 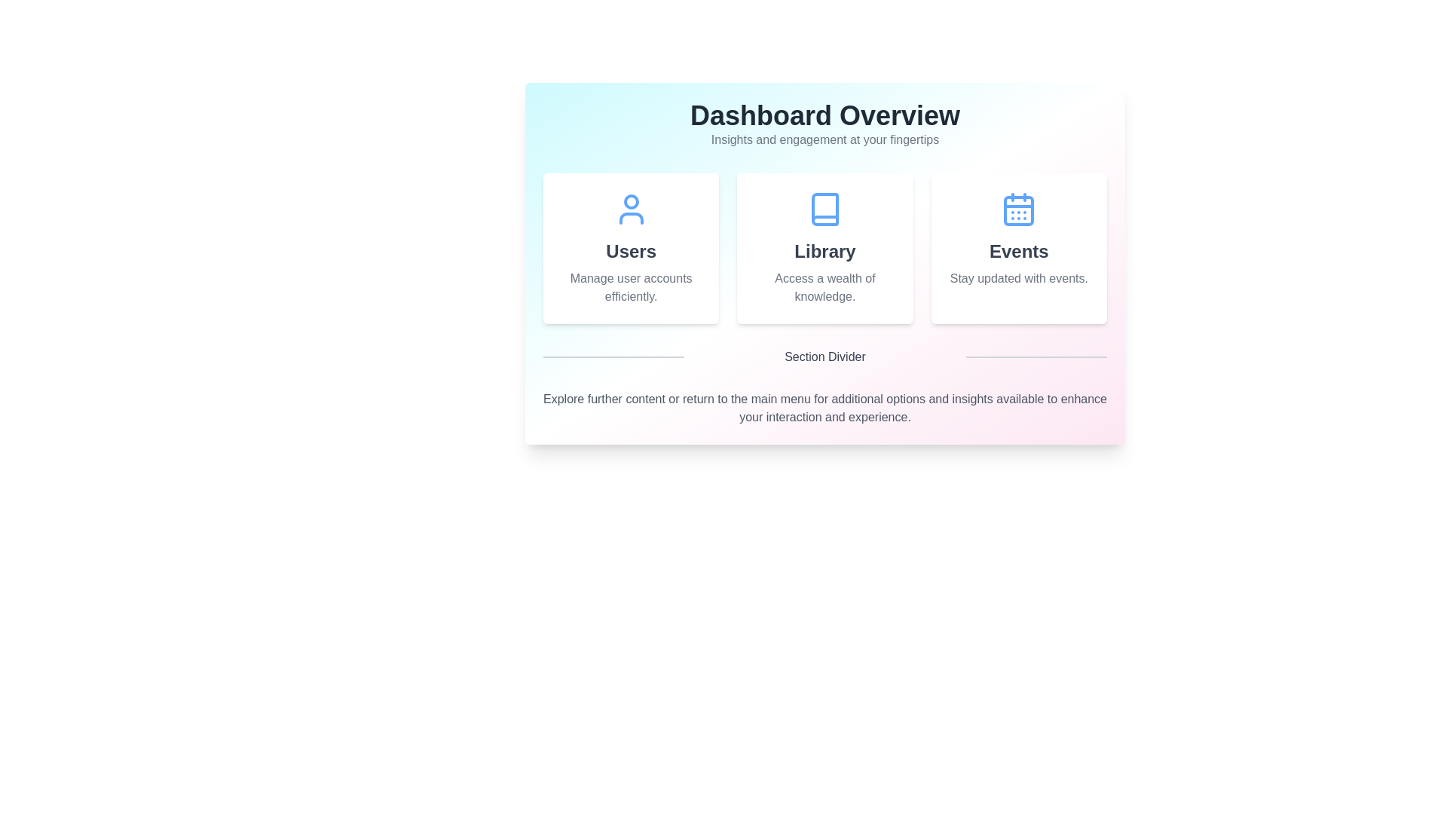 I want to click on the circular SVG element representing the head of the user symbol, which is styled with a blue outline and located above the 'Users' label in the dashboard, so click(x=631, y=200).